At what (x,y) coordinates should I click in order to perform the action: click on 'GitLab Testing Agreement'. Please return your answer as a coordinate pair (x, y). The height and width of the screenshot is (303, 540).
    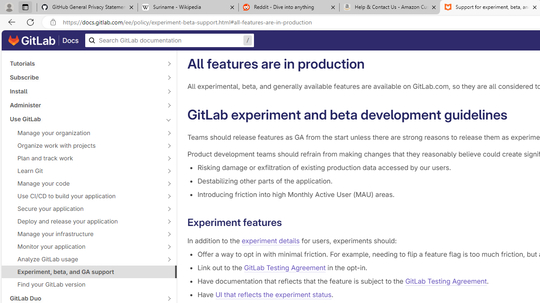
    Looking at the image, I should click on (445, 281).